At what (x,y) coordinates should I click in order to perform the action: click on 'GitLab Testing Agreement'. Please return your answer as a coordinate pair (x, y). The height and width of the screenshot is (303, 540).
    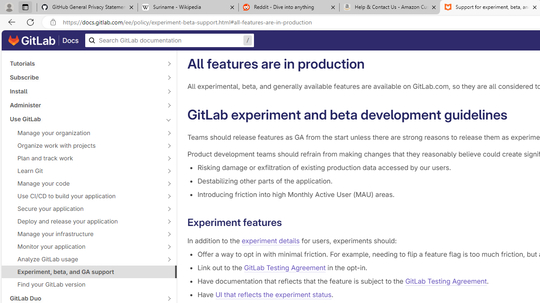
    Looking at the image, I should click on (445, 281).